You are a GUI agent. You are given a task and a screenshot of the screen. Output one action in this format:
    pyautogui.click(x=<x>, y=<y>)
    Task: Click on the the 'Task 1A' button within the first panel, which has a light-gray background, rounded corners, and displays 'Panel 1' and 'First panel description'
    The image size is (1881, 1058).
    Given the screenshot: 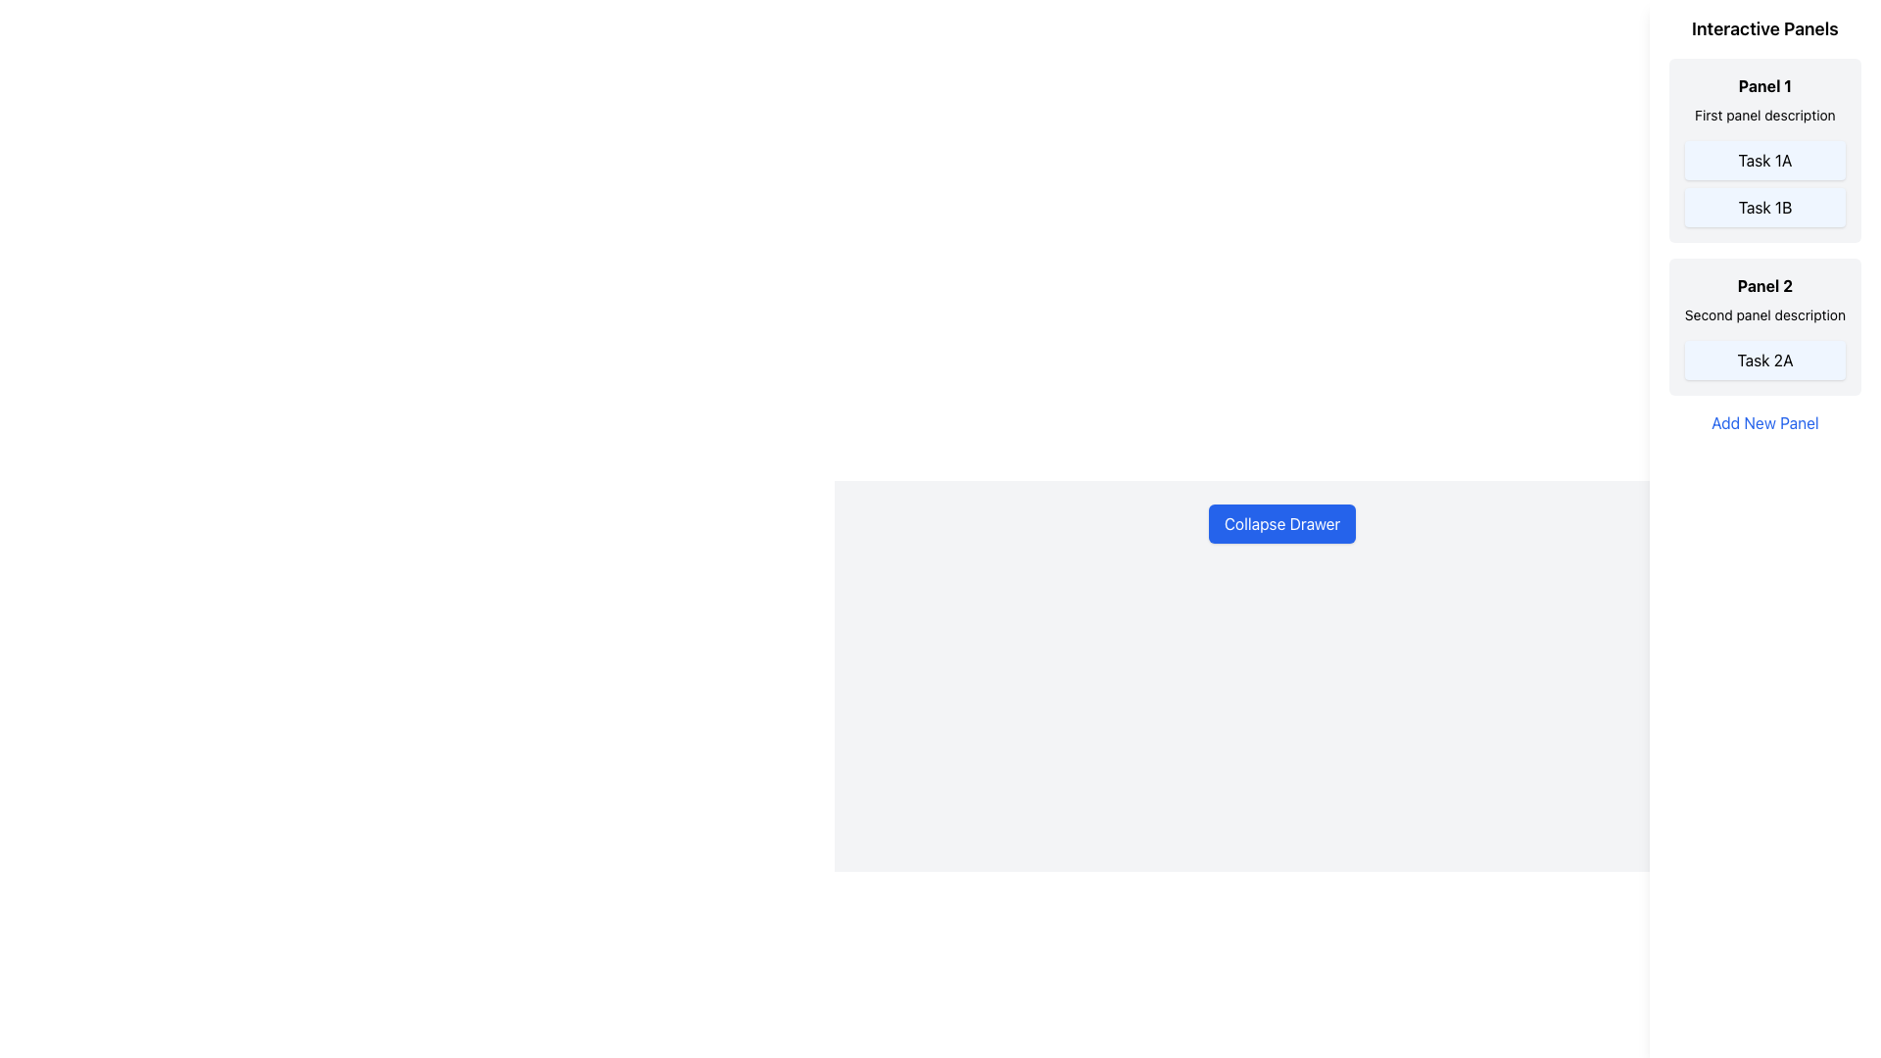 What is the action you would take?
    pyautogui.click(x=1764, y=150)
    